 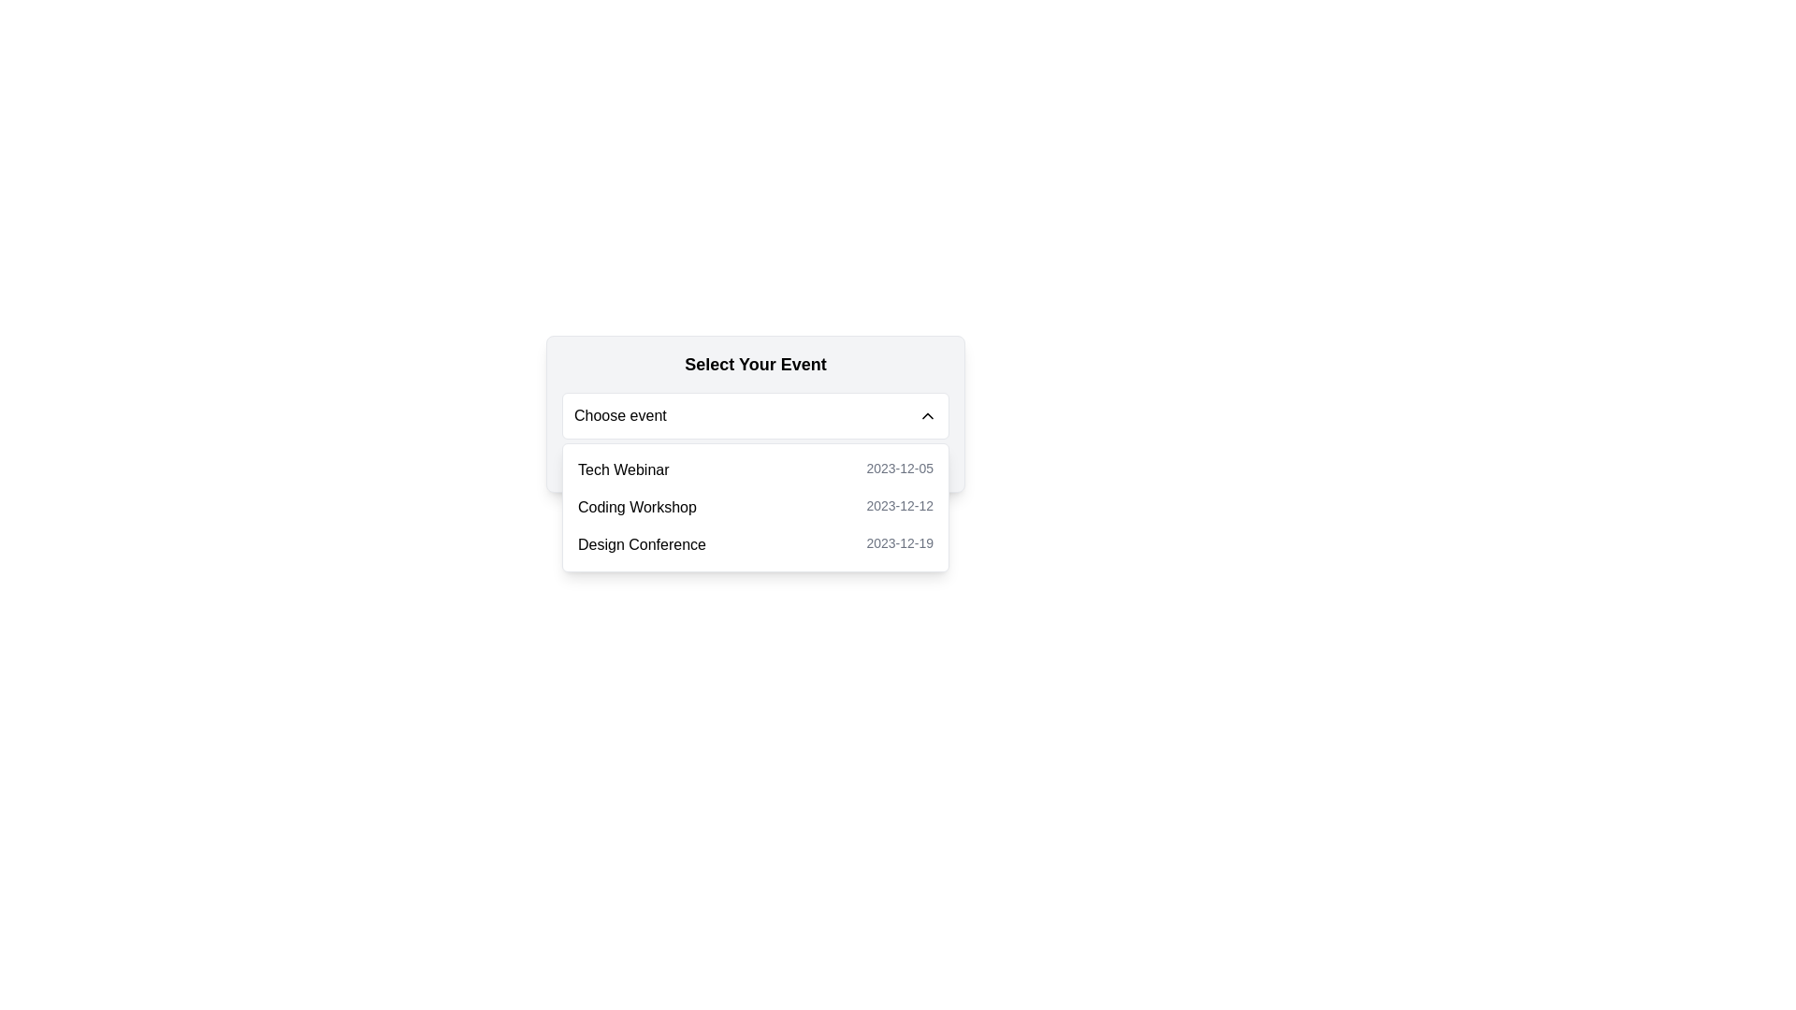 What do you see at coordinates (900, 469) in the screenshot?
I see `the text label displaying the date '2023-12-05' which is part of a dropdown menu item and aligned to the right side of the corresponding list entry` at bounding box center [900, 469].